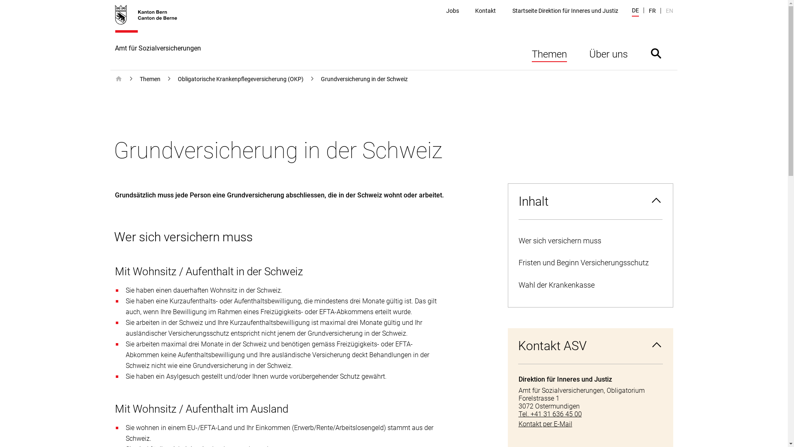  What do you see at coordinates (651, 11) in the screenshot?
I see `'FR'` at bounding box center [651, 11].